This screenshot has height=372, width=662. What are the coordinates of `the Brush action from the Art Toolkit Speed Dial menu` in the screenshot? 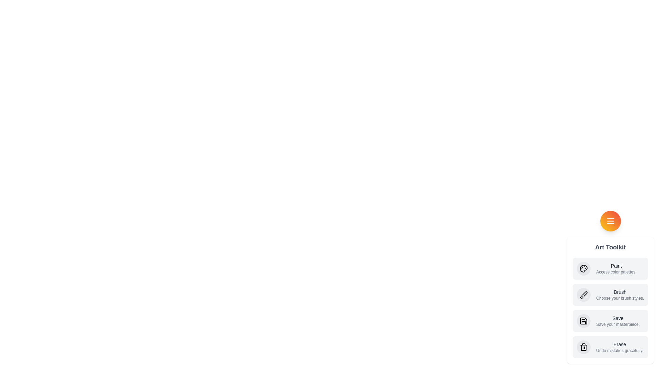 It's located at (610, 294).